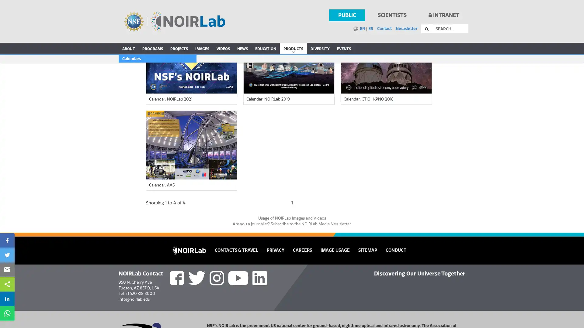 This screenshot has width=584, height=328. What do you see at coordinates (443, 15) in the screenshot?
I see `INTRANET` at bounding box center [443, 15].